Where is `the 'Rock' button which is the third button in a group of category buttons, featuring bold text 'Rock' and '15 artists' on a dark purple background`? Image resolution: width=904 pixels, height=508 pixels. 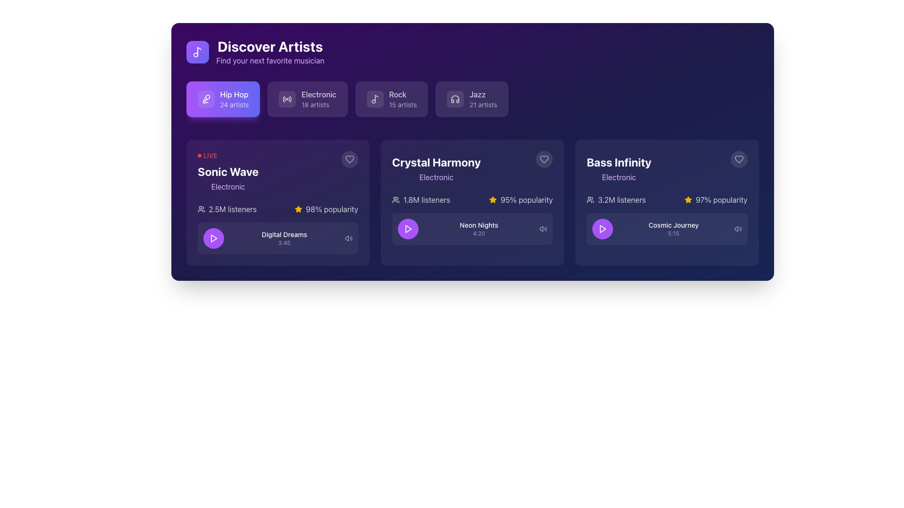 the 'Rock' button which is the third button in a group of category buttons, featuring bold text 'Rock' and '15 artists' on a dark purple background is located at coordinates (403, 99).